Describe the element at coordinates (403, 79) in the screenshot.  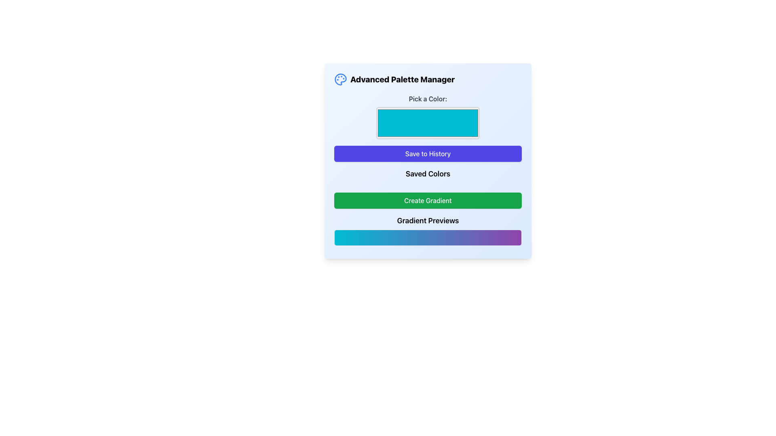
I see `the 'Advanced Palette Manager' text label, which is prominently displayed at the top of a UI card, adjacent to a palette icon on its left` at that location.